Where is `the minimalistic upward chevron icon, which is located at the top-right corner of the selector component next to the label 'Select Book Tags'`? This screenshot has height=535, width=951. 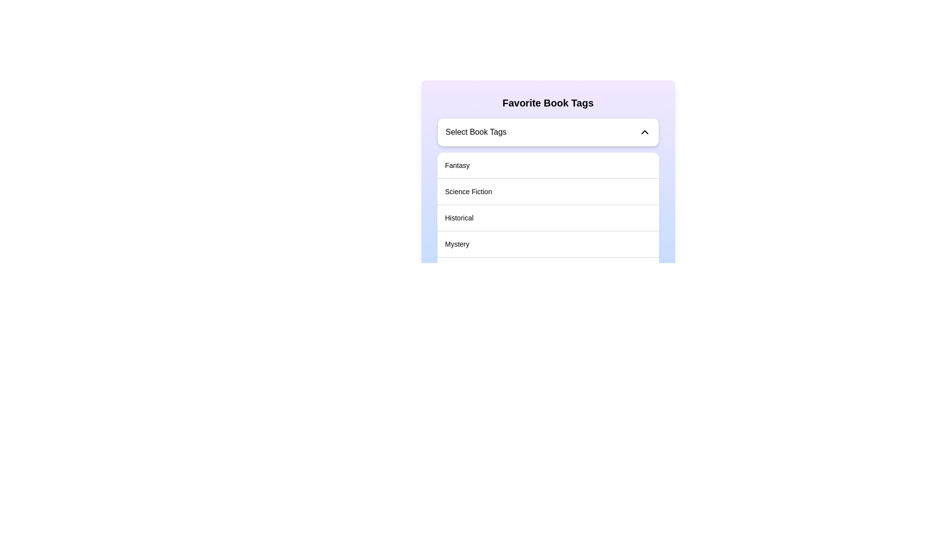
the minimalistic upward chevron icon, which is located at the top-right corner of the selector component next to the label 'Select Book Tags' is located at coordinates (644, 131).